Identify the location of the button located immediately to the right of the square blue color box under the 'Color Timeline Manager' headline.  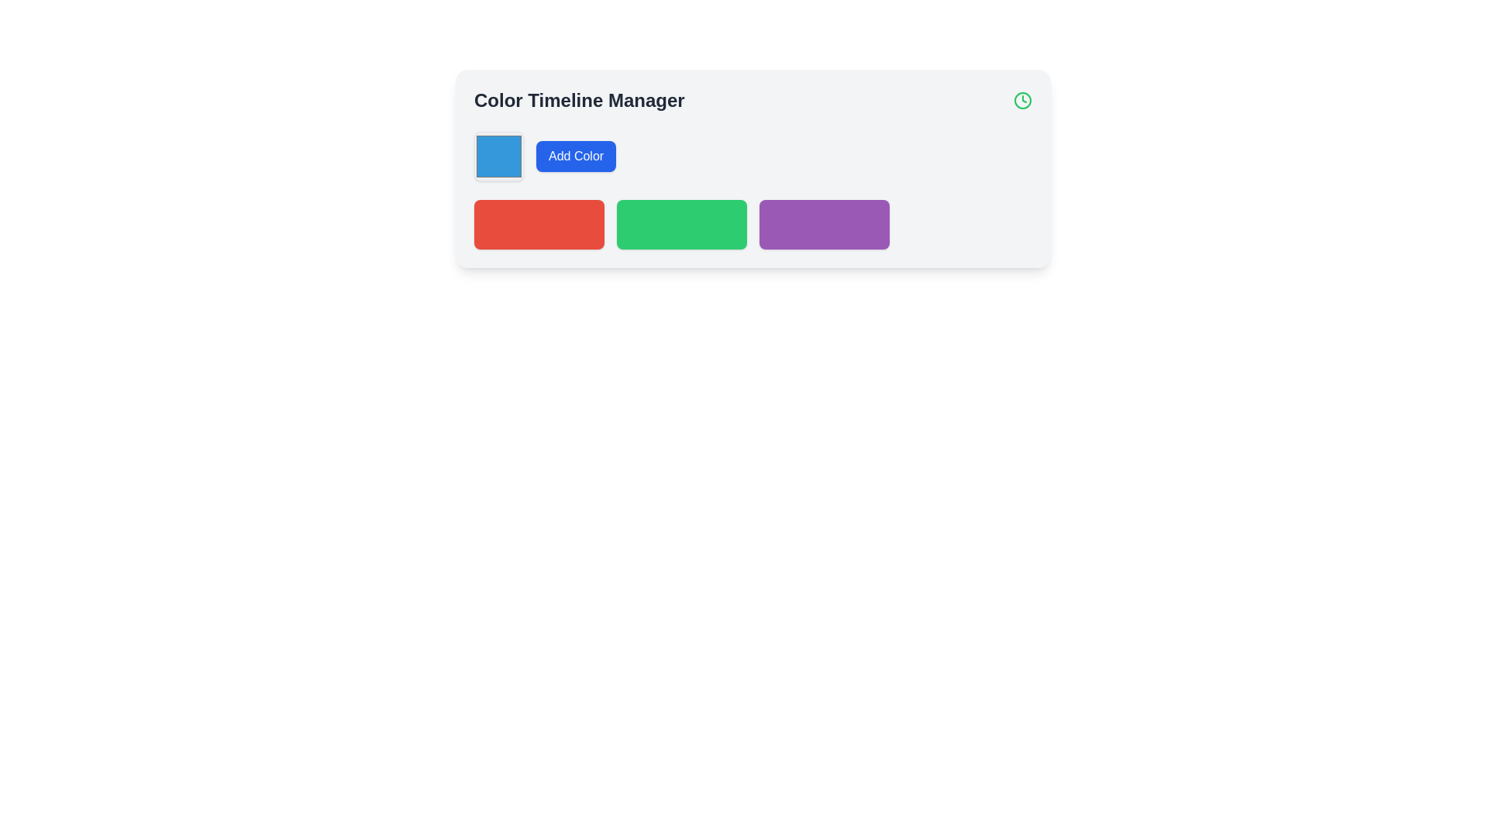
(575, 156).